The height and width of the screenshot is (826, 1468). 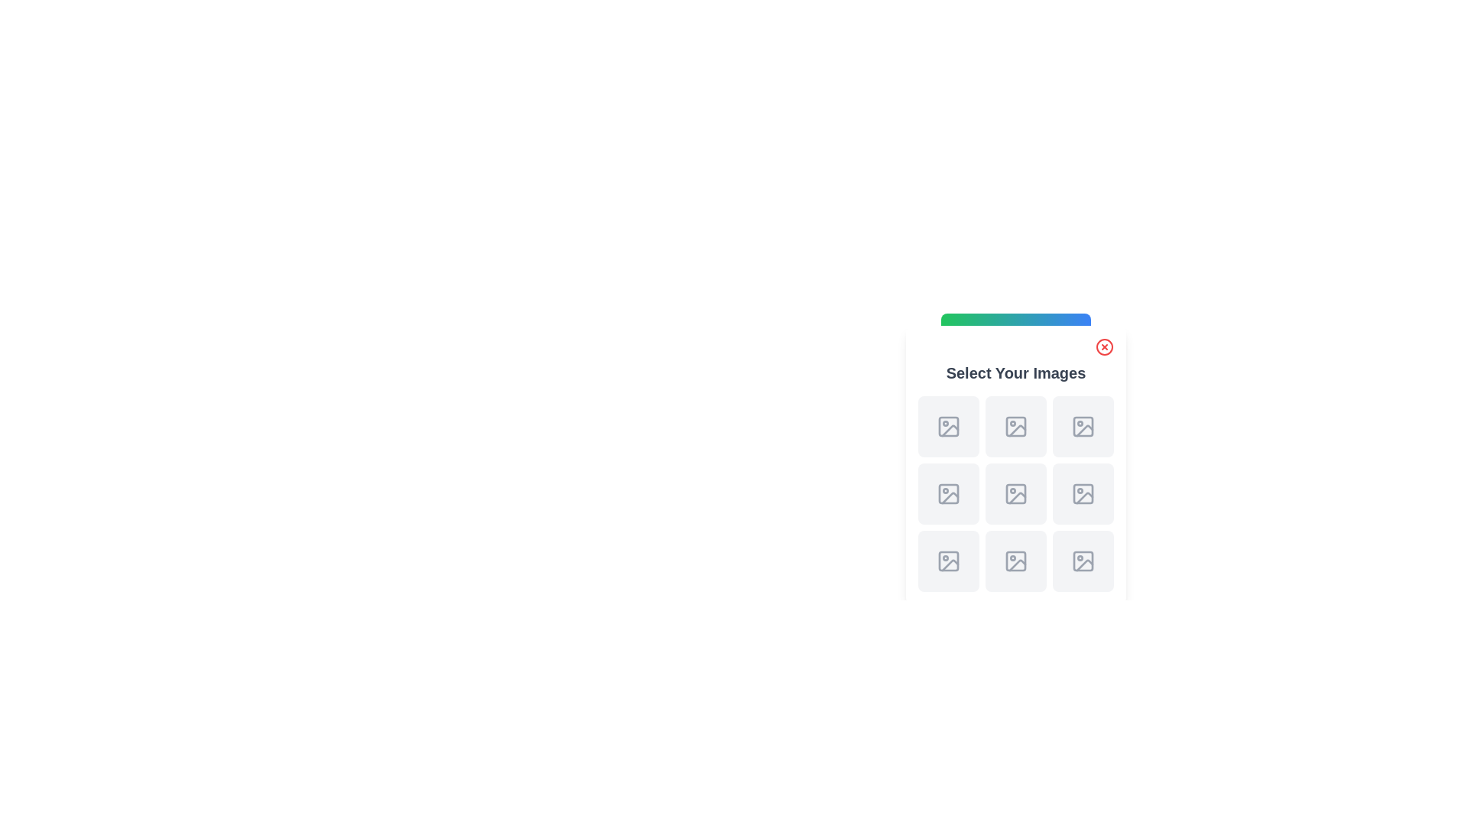 What do you see at coordinates (1016, 561) in the screenshot?
I see `the Icon component, which is a rectangular shape with rounded corners located at the bottom-right corner of the third row in a 3x3 grid layout` at bounding box center [1016, 561].